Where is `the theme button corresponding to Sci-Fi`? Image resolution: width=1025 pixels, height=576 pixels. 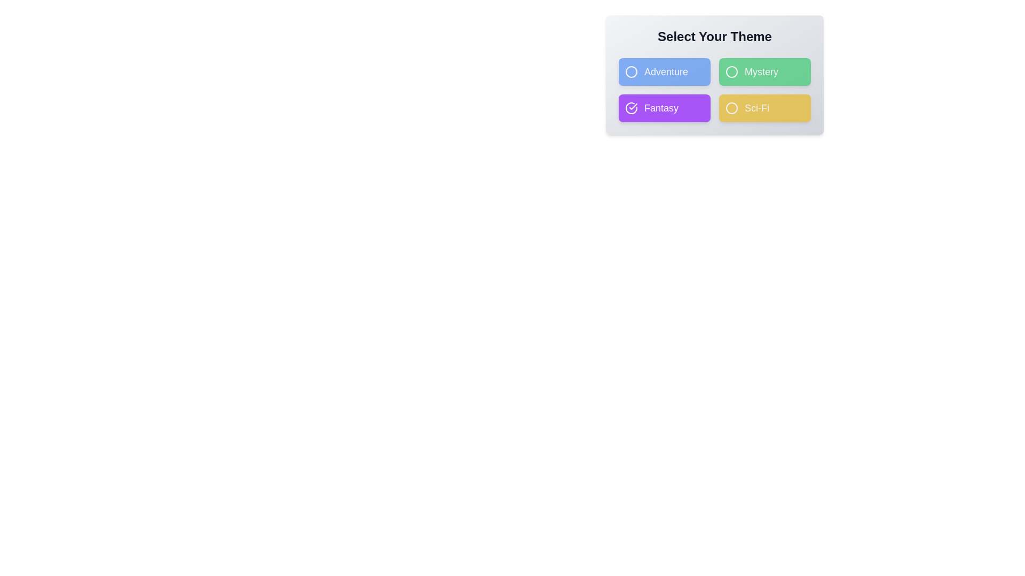 the theme button corresponding to Sci-Fi is located at coordinates (764, 108).